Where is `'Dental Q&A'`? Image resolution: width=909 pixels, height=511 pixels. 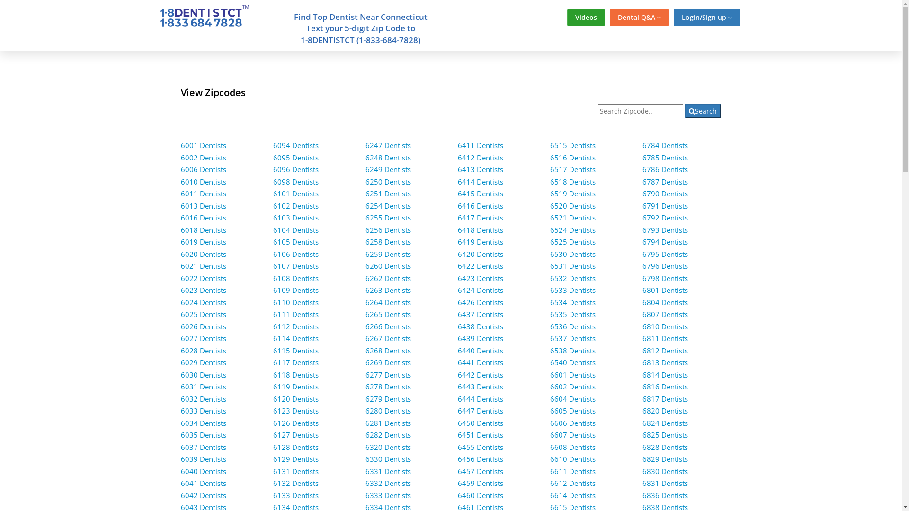
'Dental Q&A' is located at coordinates (609, 18).